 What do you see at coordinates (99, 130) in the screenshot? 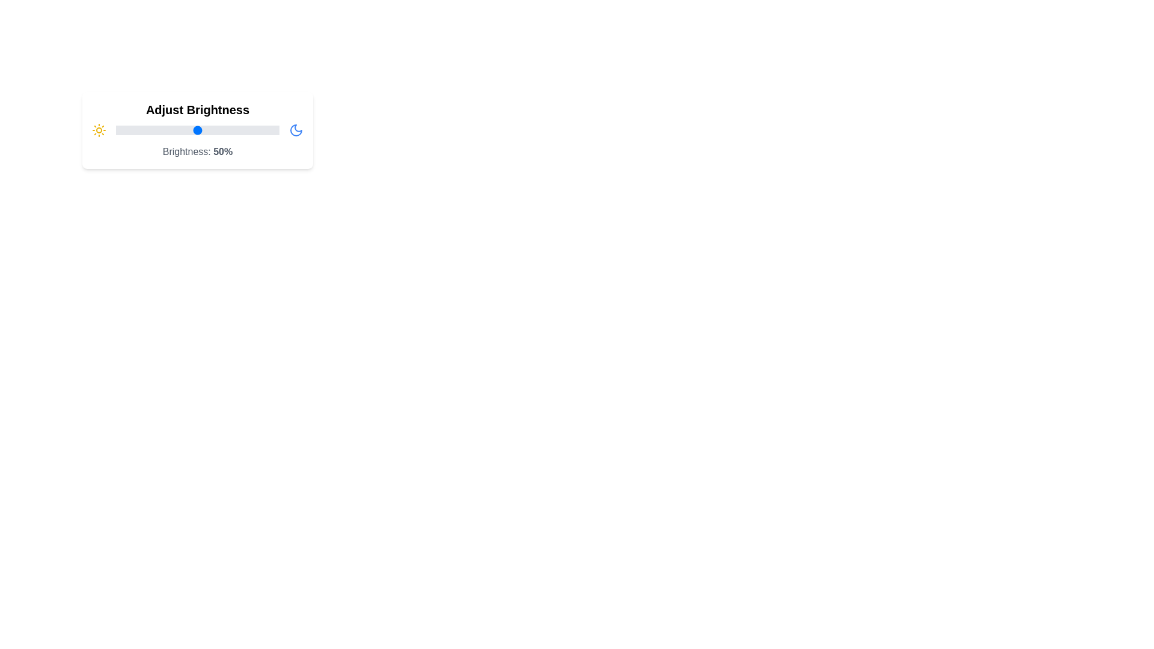
I see `the sun icon to explore its functionality` at bounding box center [99, 130].